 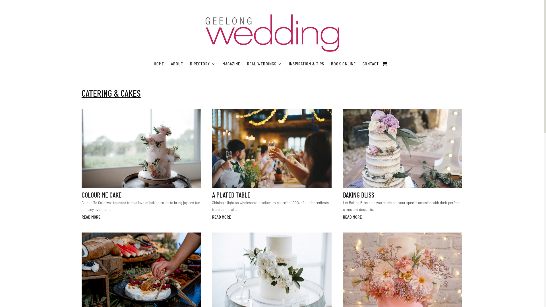 What do you see at coordinates (371, 64) in the screenshot?
I see `'CONTACT'` at bounding box center [371, 64].